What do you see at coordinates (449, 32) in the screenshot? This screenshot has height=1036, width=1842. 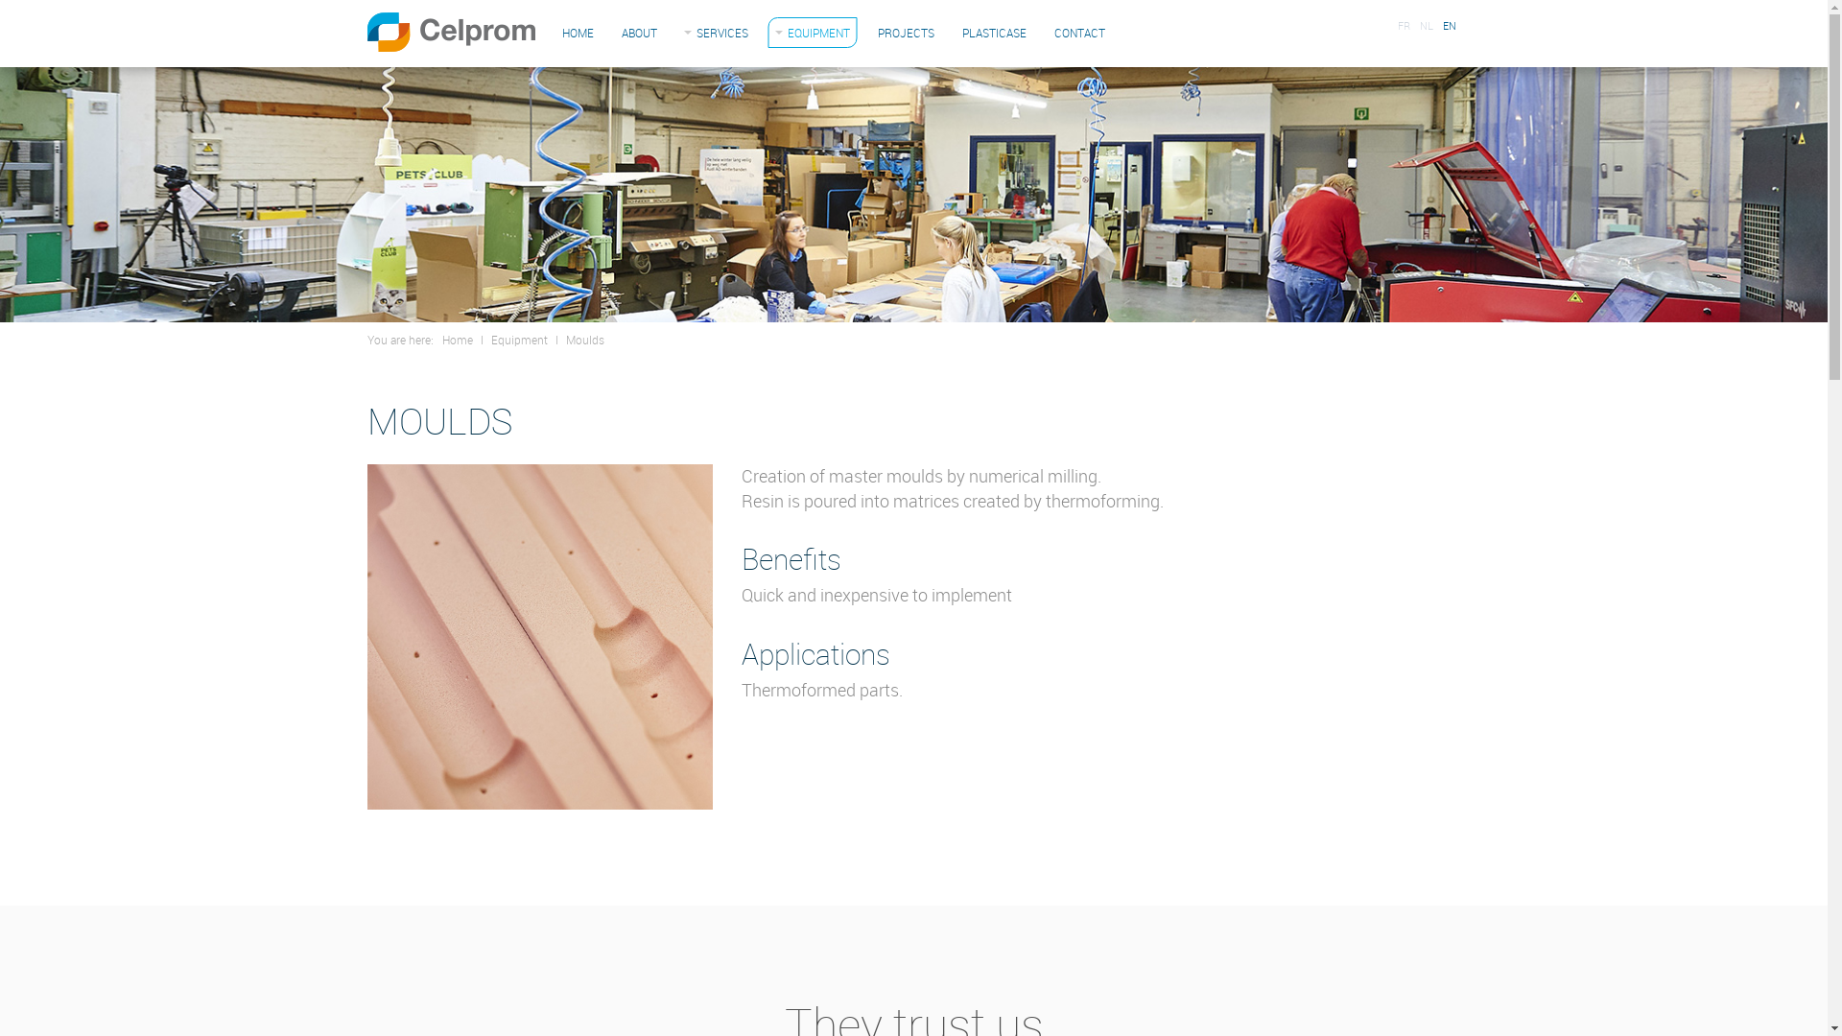 I see `'Celprom'` at bounding box center [449, 32].